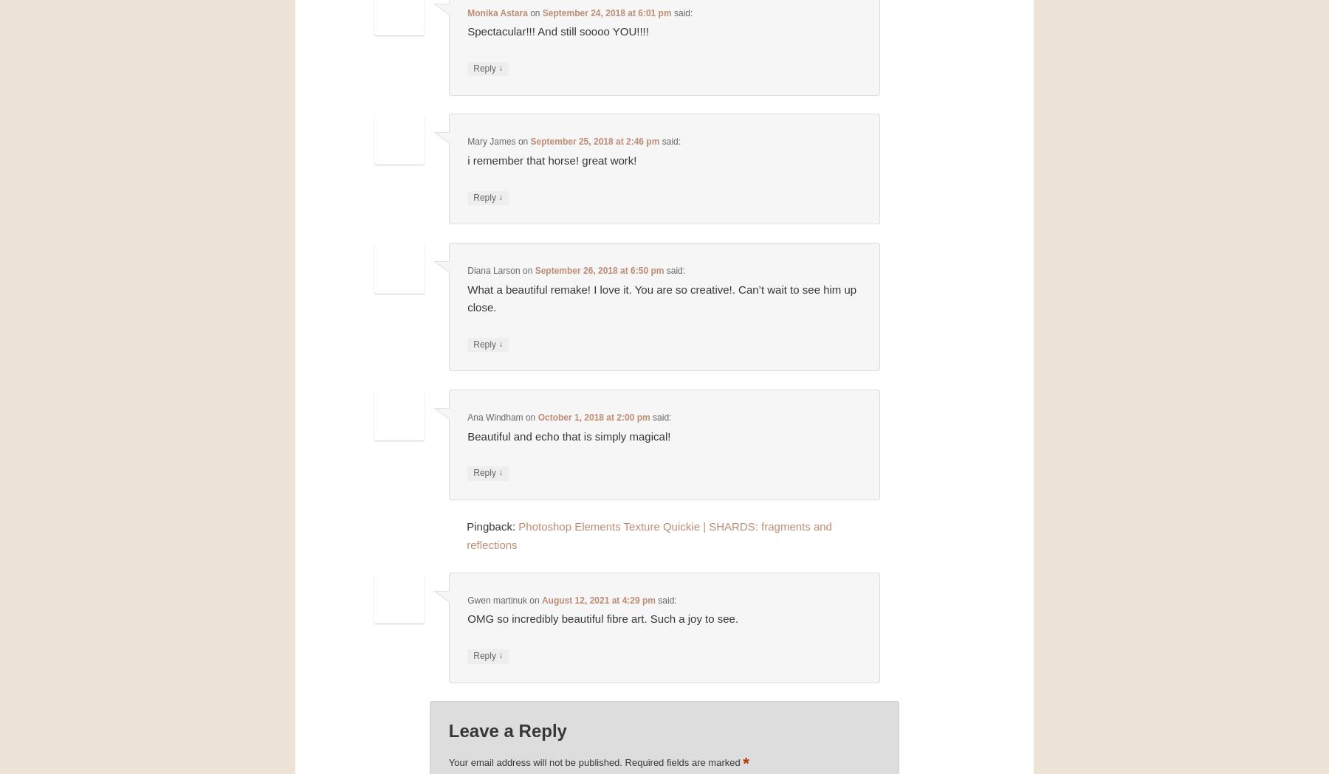 The image size is (1329, 774). What do you see at coordinates (491, 140) in the screenshot?
I see `'Mary James'` at bounding box center [491, 140].